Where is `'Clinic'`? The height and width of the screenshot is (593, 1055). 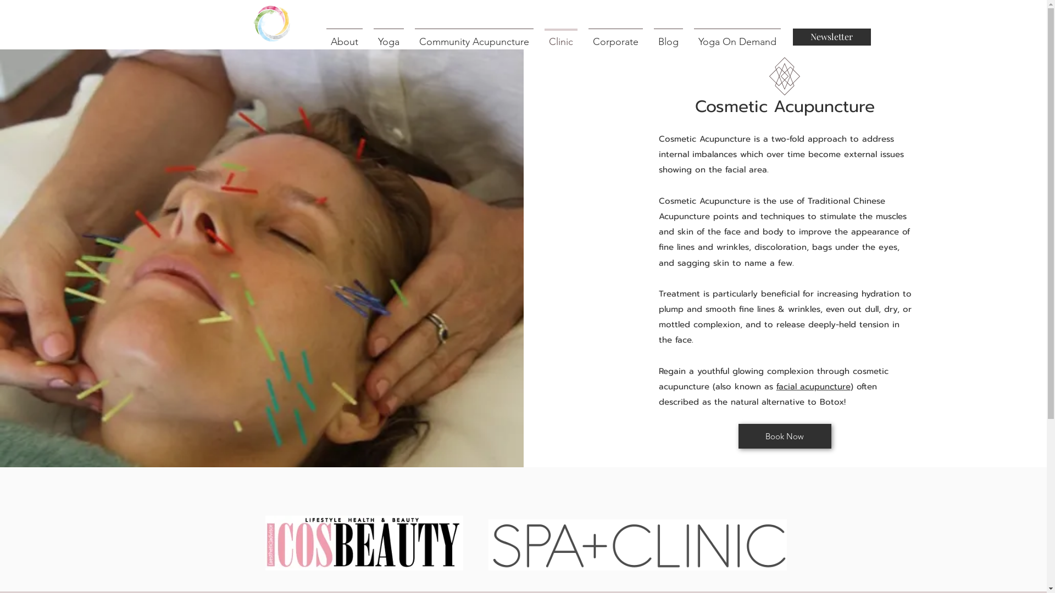 'Clinic' is located at coordinates (560, 36).